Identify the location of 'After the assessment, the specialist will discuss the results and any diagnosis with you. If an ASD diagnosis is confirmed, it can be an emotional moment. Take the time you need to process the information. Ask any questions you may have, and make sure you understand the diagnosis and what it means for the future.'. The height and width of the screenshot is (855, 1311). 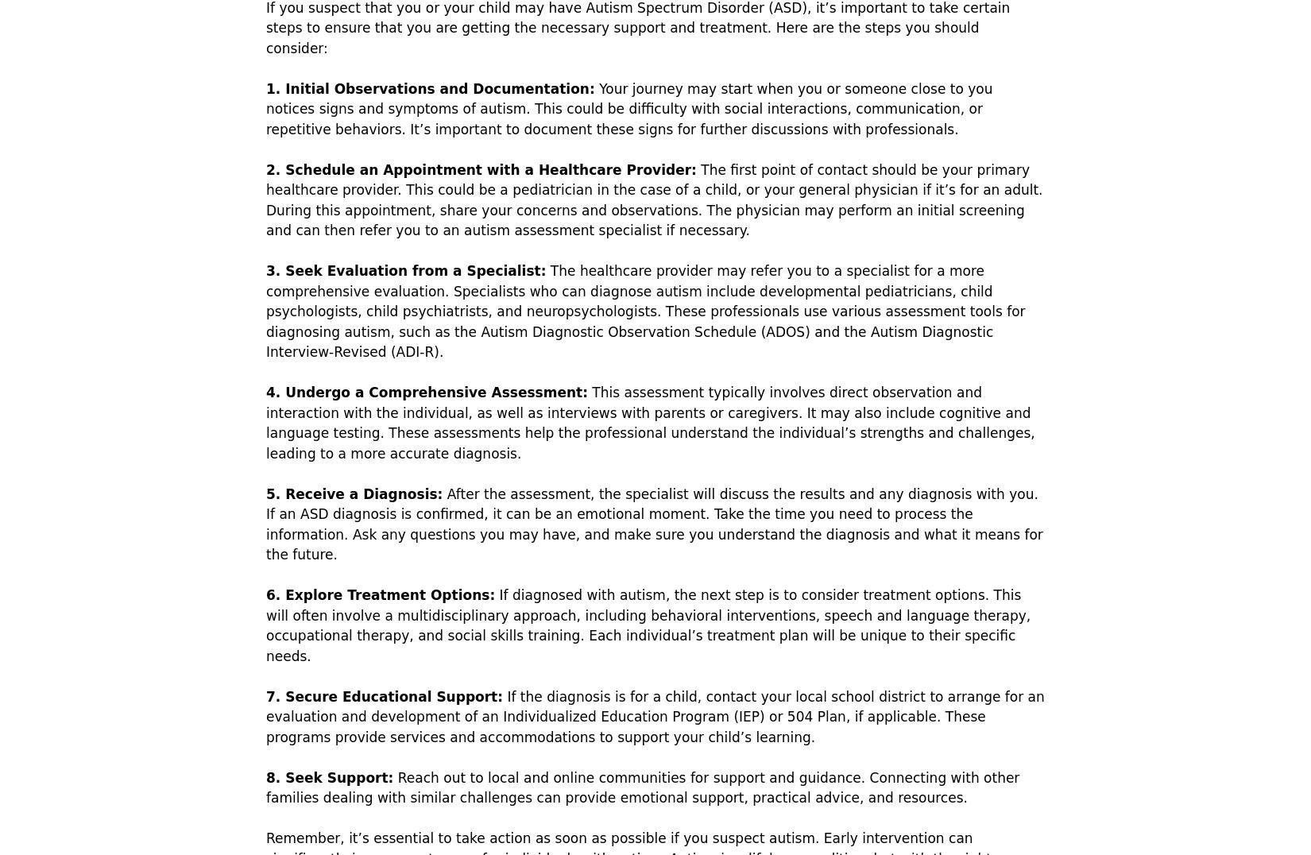
(653, 523).